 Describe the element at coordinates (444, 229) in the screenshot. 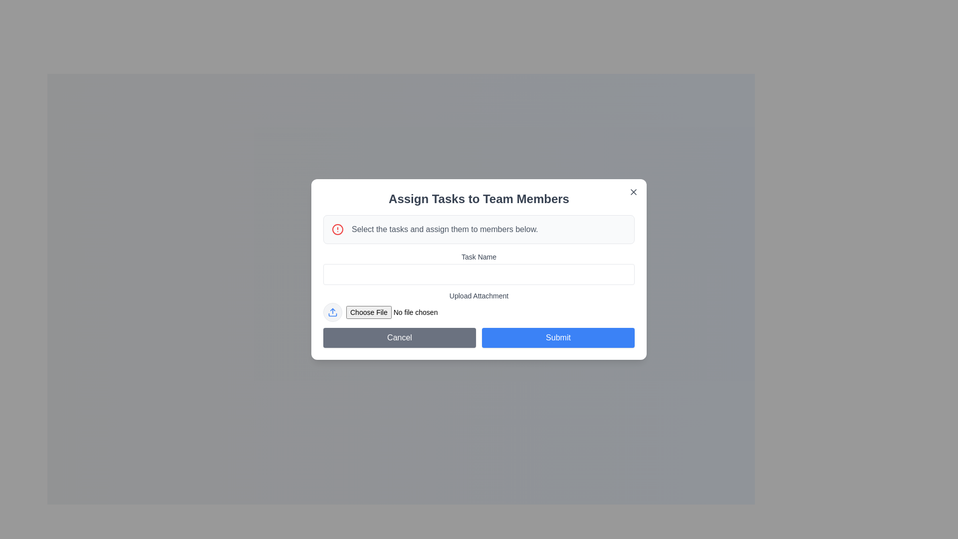

I see `the text label that states 'Select the tasks and assign them to members below,' which is located within a gray-outlined rectangular box and has a red warning icon to its left` at that location.